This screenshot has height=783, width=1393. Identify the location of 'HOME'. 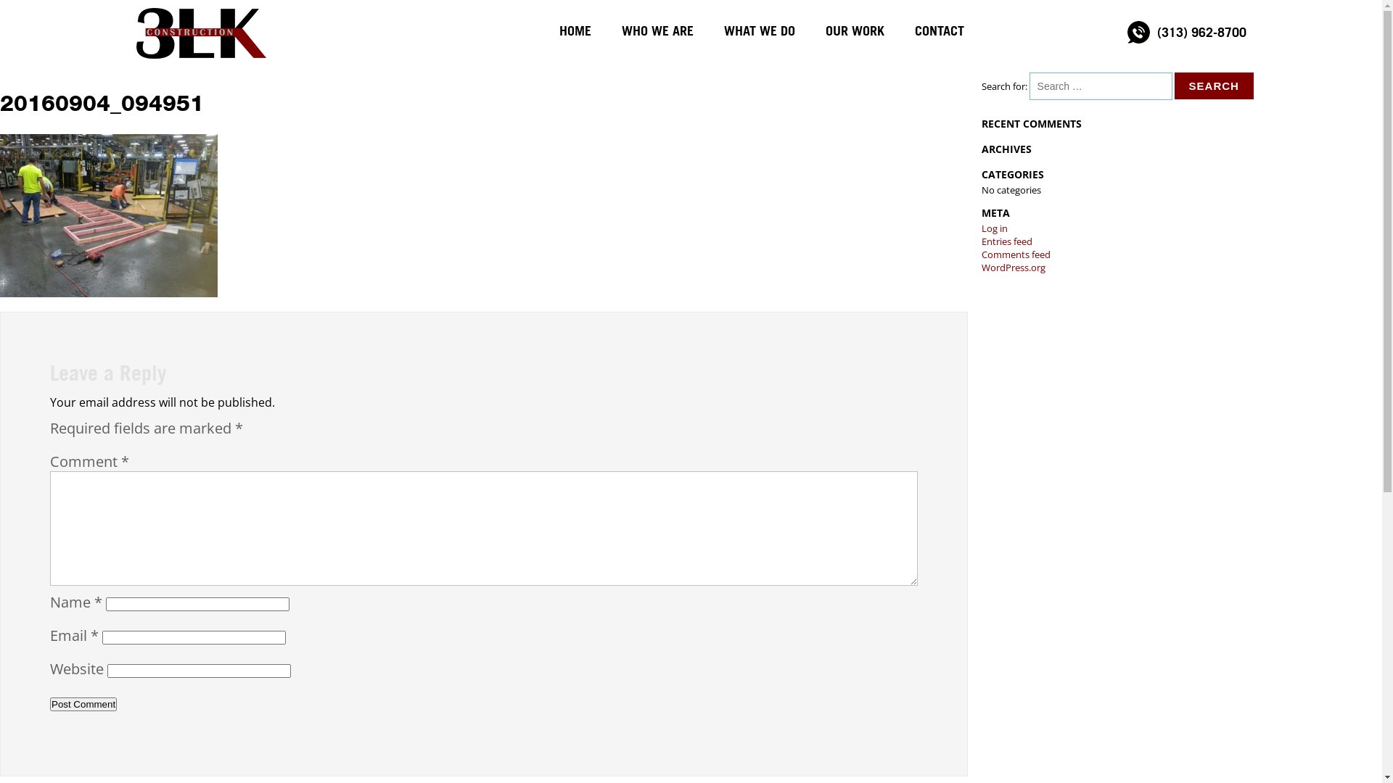
(574, 30).